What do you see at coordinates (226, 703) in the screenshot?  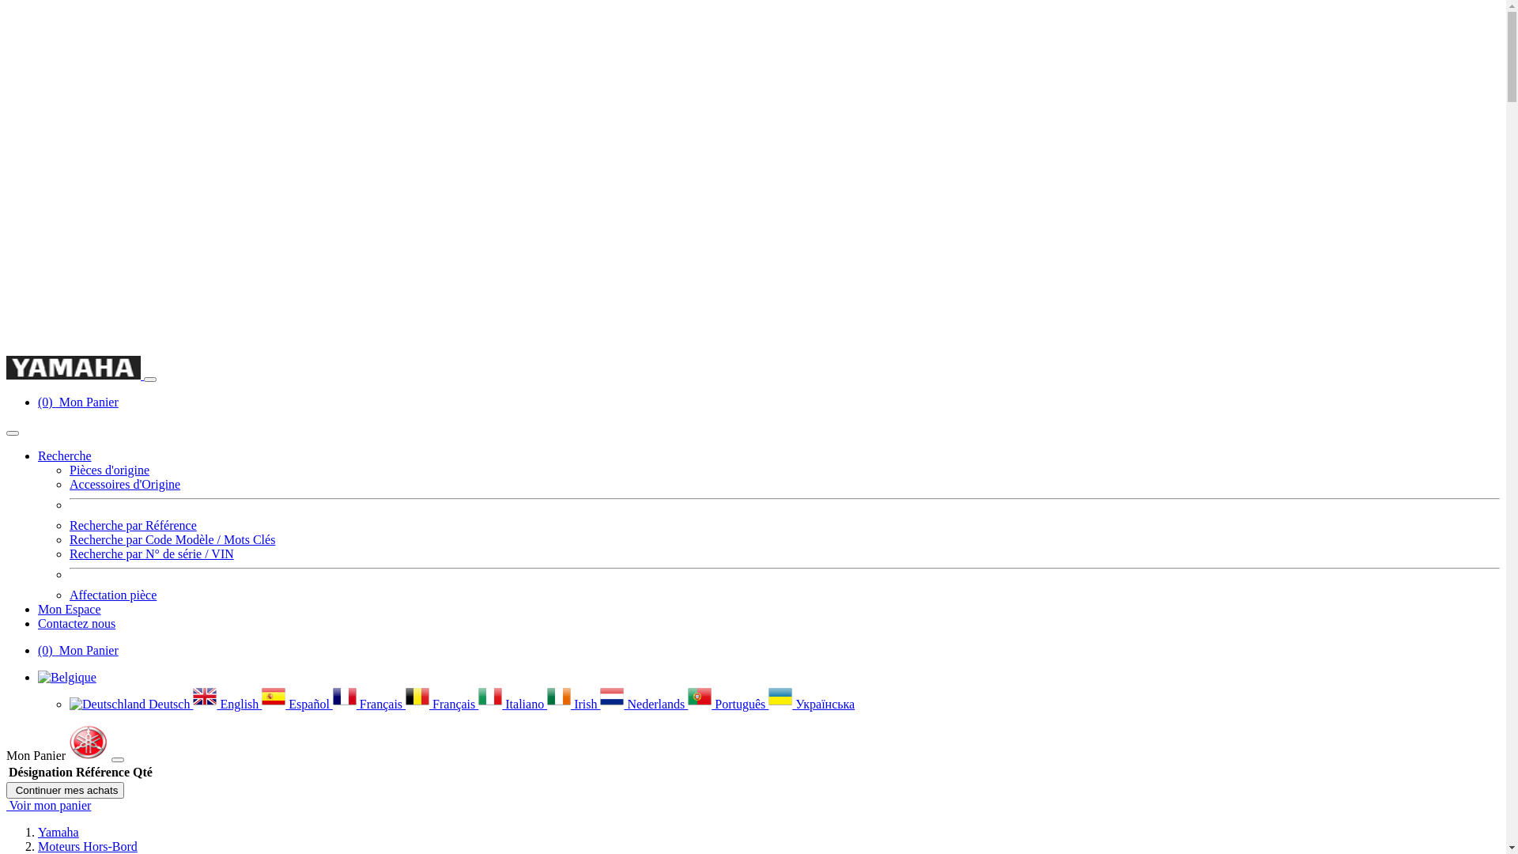 I see `'English'` at bounding box center [226, 703].